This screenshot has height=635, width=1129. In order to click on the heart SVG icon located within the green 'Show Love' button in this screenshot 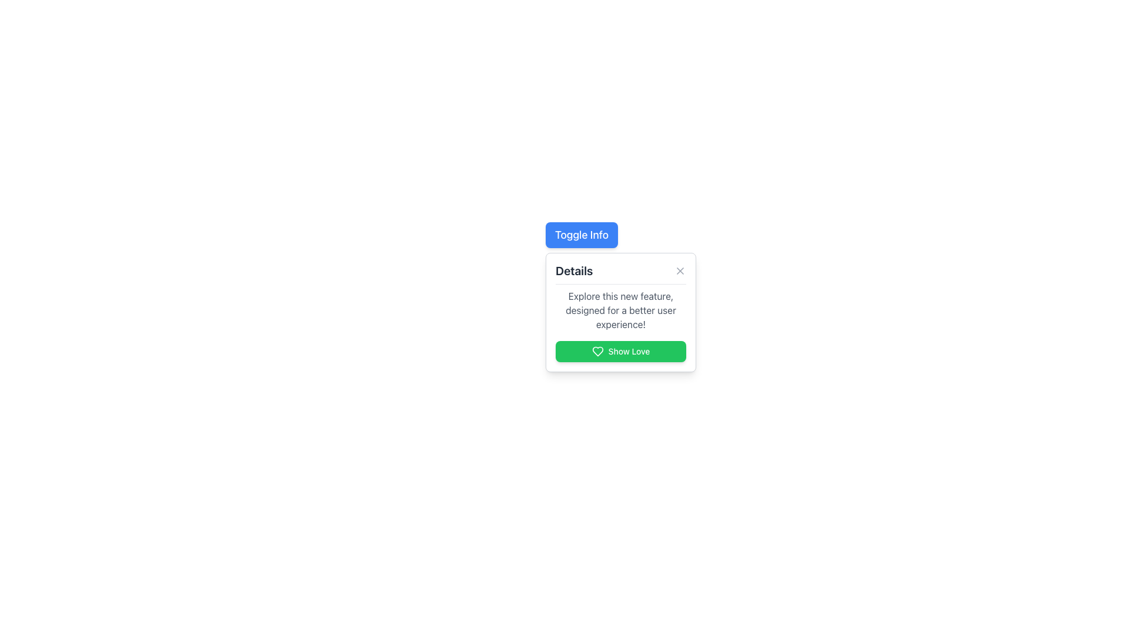, I will do `click(597, 350)`.